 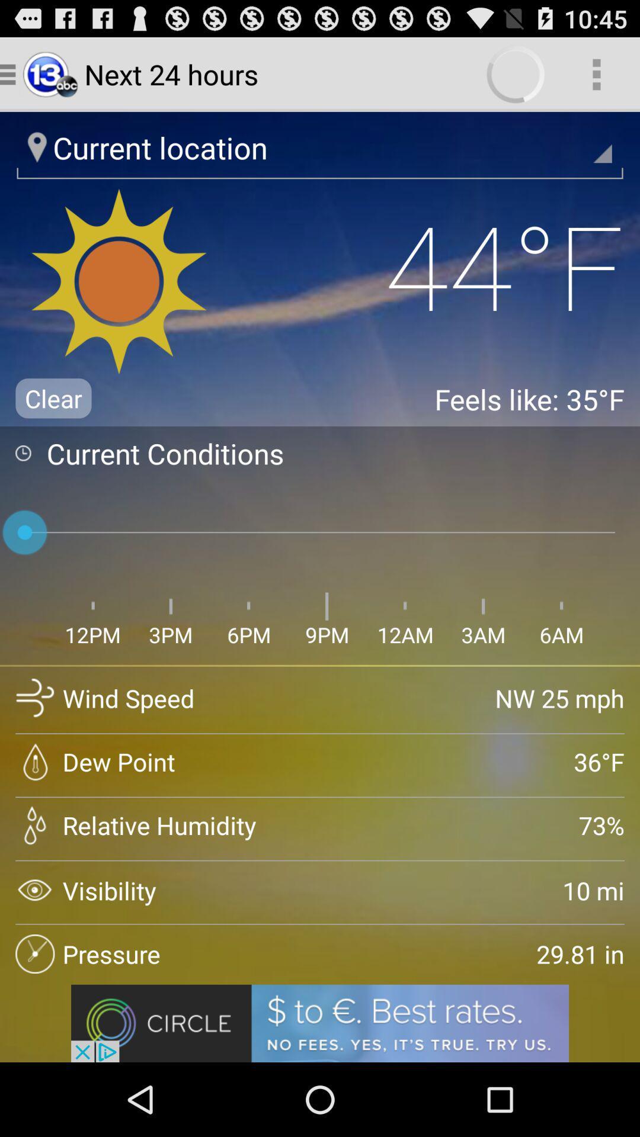 What do you see at coordinates (320, 1023) in the screenshot?
I see `links to an external advertisement` at bounding box center [320, 1023].